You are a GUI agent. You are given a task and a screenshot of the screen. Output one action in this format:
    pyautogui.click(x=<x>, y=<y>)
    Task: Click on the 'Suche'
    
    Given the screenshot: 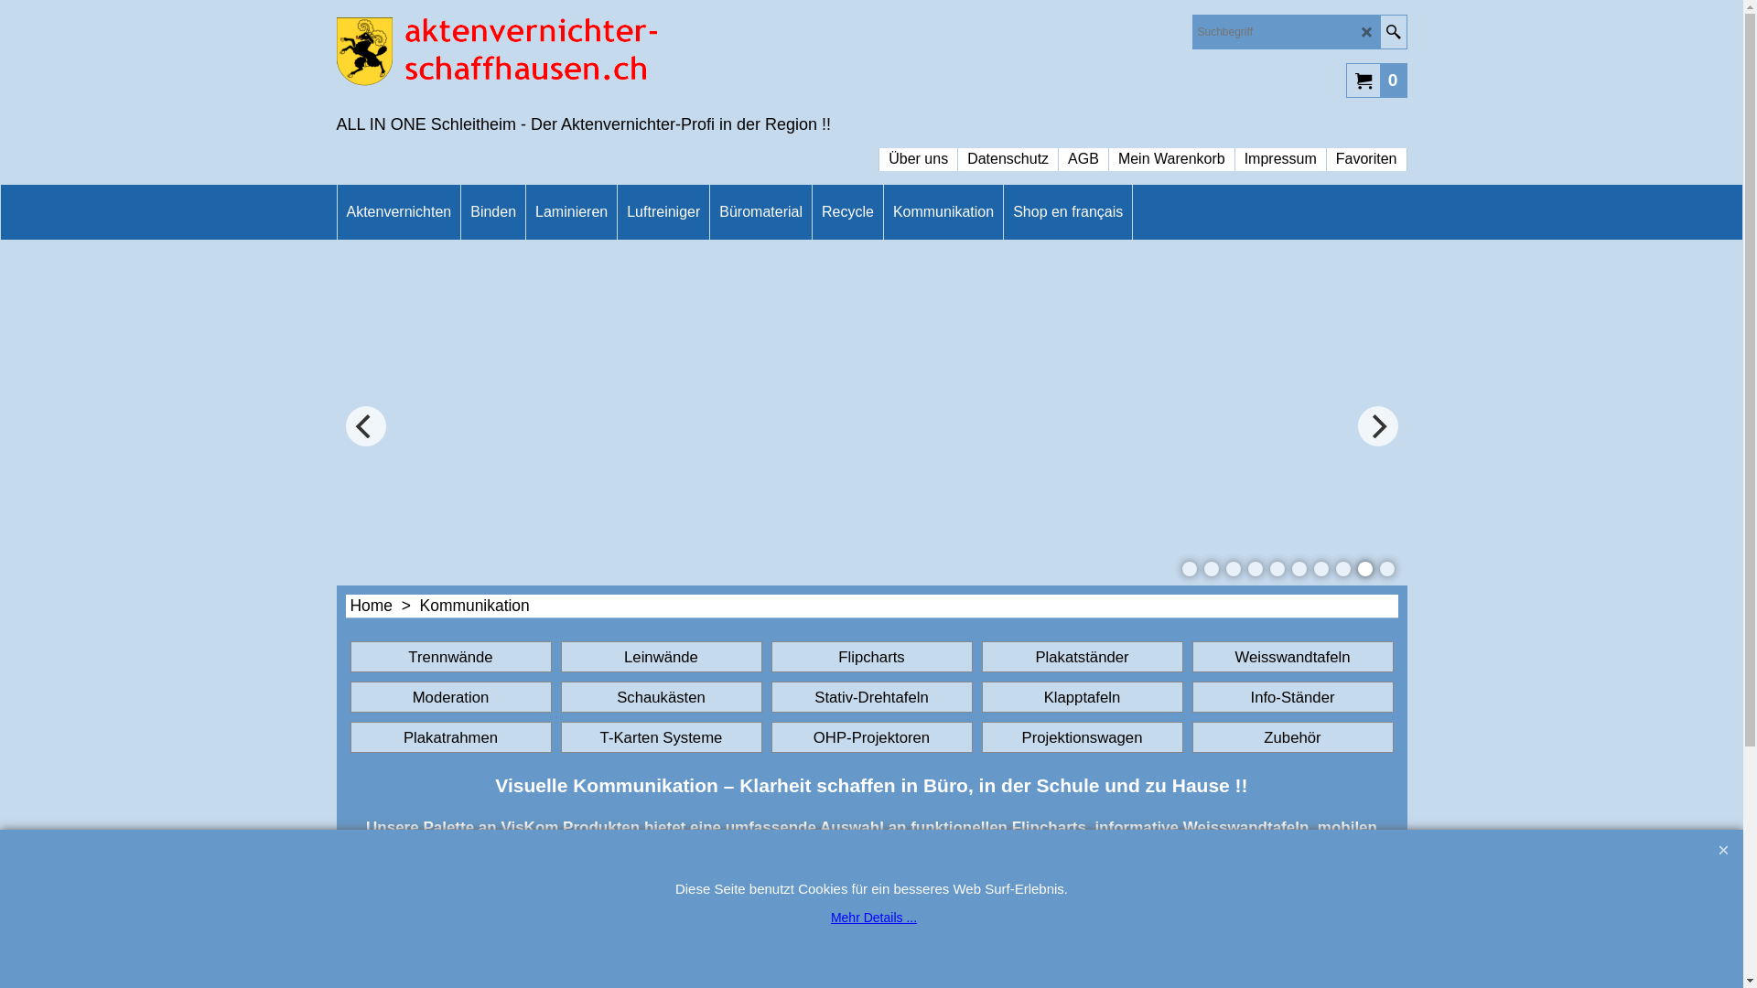 What is the action you would take?
    pyautogui.click(x=1392, y=31)
    